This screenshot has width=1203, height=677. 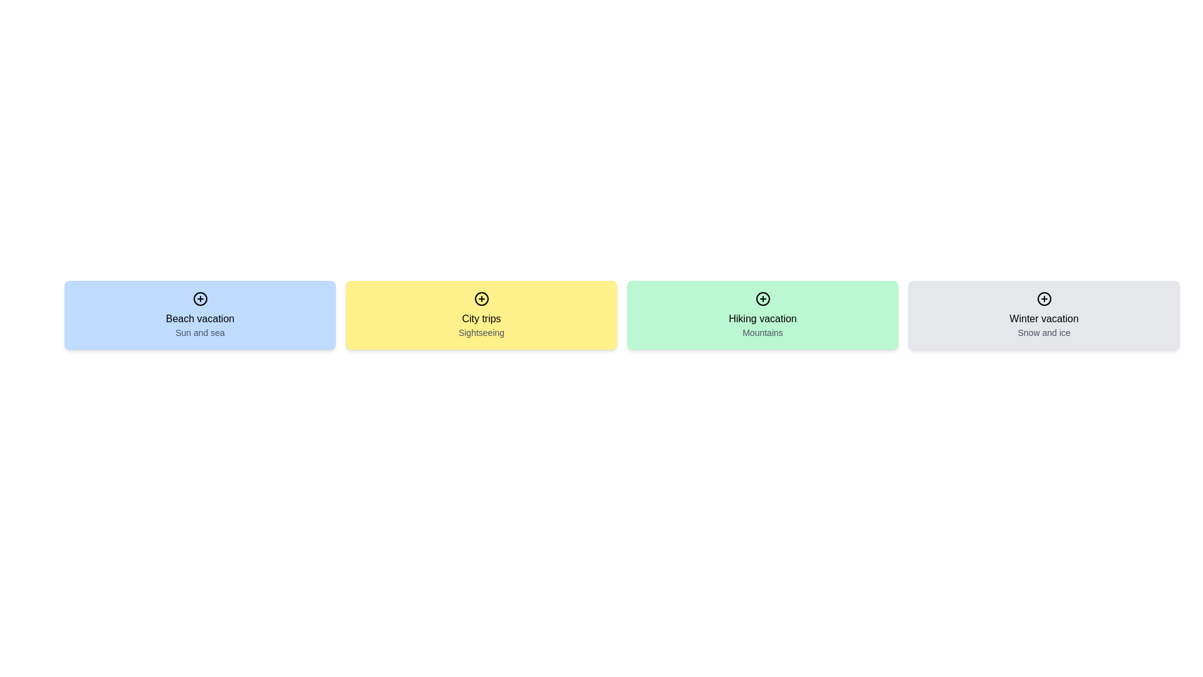 What do you see at coordinates (481, 299) in the screenshot?
I see `the circular icon with a plus sign inside, located at the top center of the yellow card labeled 'City trips'` at bounding box center [481, 299].